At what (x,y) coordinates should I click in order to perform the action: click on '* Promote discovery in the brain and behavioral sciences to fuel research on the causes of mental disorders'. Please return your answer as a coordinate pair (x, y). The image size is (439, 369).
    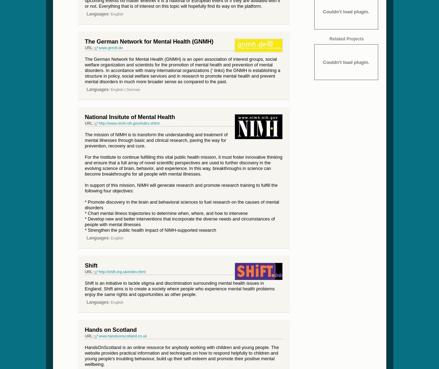
    Looking at the image, I should click on (182, 204).